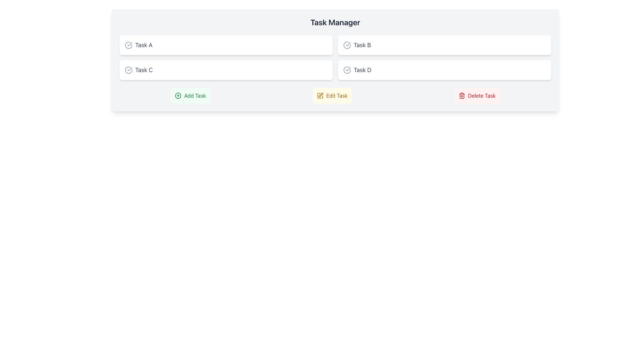 This screenshot has width=630, height=354. What do you see at coordinates (462, 96) in the screenshot?
I see `the small red trash icon located at the far-right end of the bottom row of buttons` at bounding box center [462, 96].